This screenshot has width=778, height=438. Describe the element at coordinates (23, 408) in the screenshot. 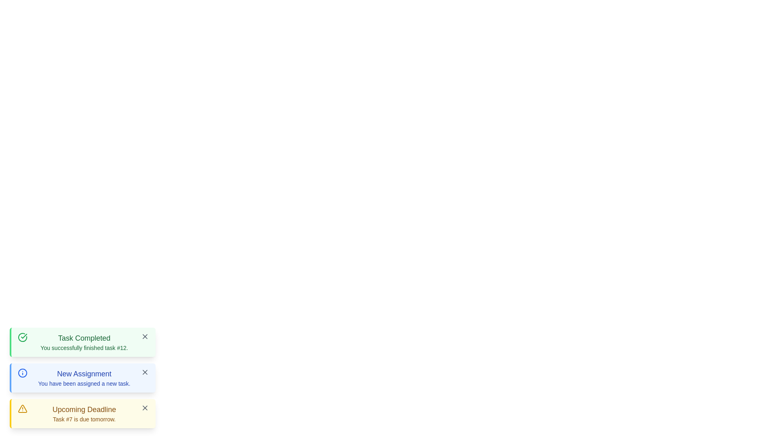

I see `the urgency indicator icon located inside the 'Upcoming Deadline' notification box, positioned at the bottom-left section of the interface` at that location.